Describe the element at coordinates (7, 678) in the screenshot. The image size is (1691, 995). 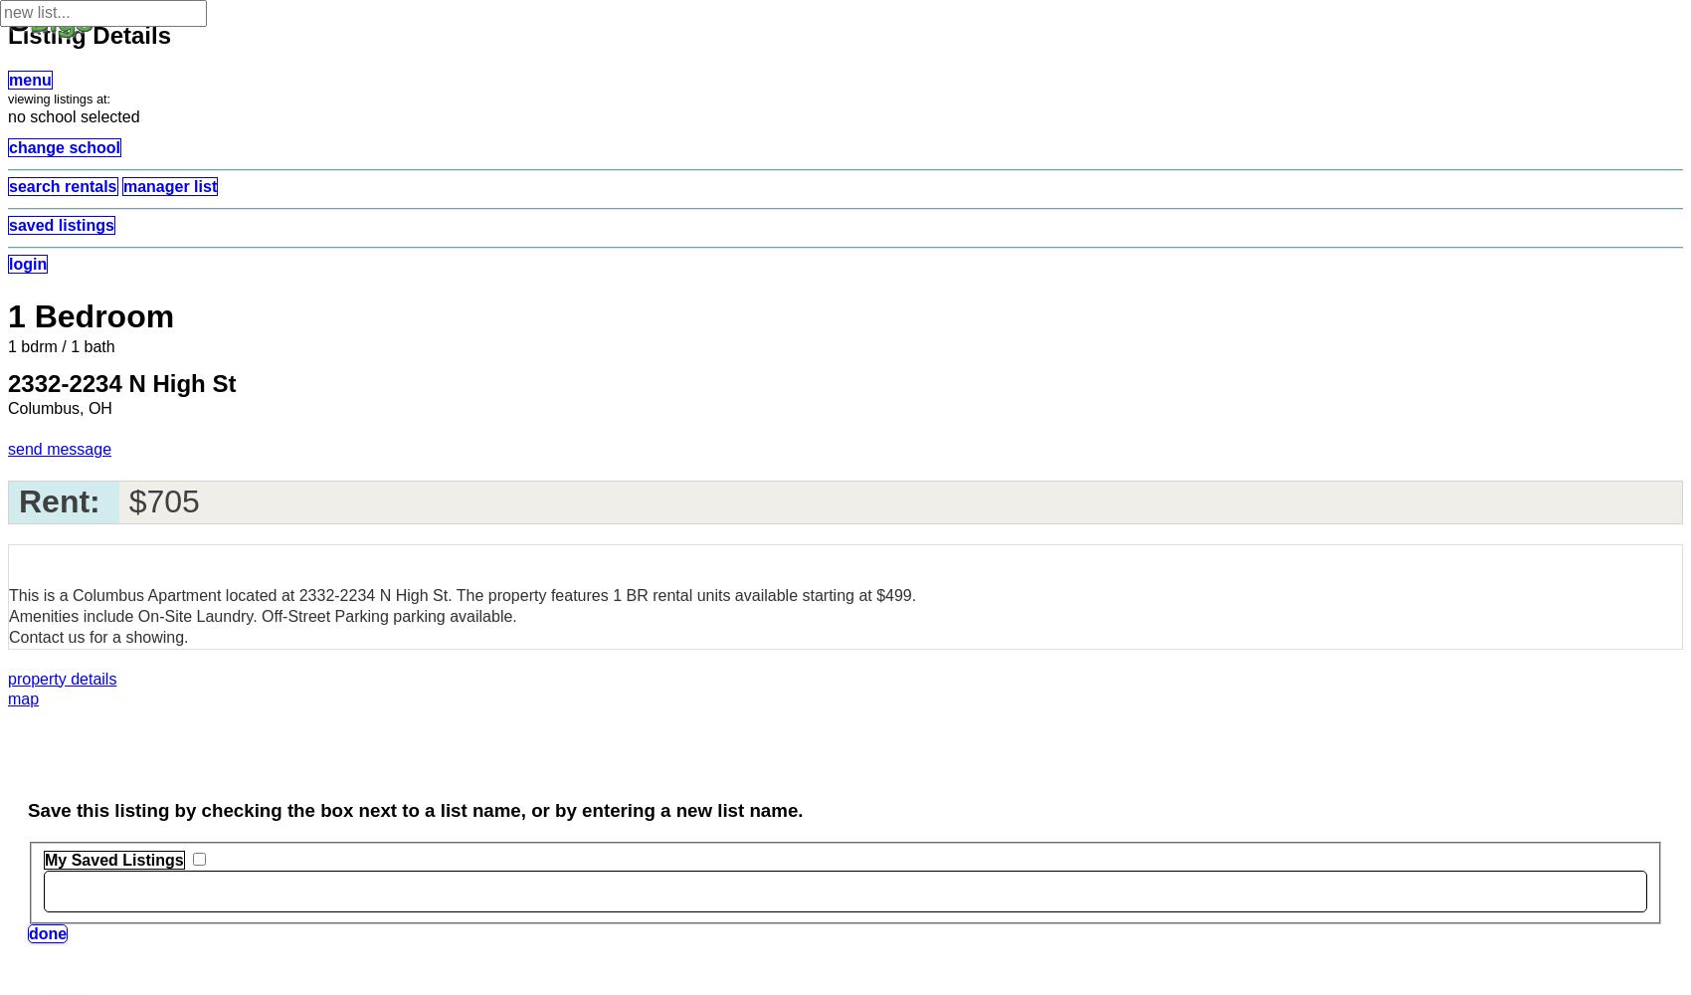
I see `'property details'` at that location.